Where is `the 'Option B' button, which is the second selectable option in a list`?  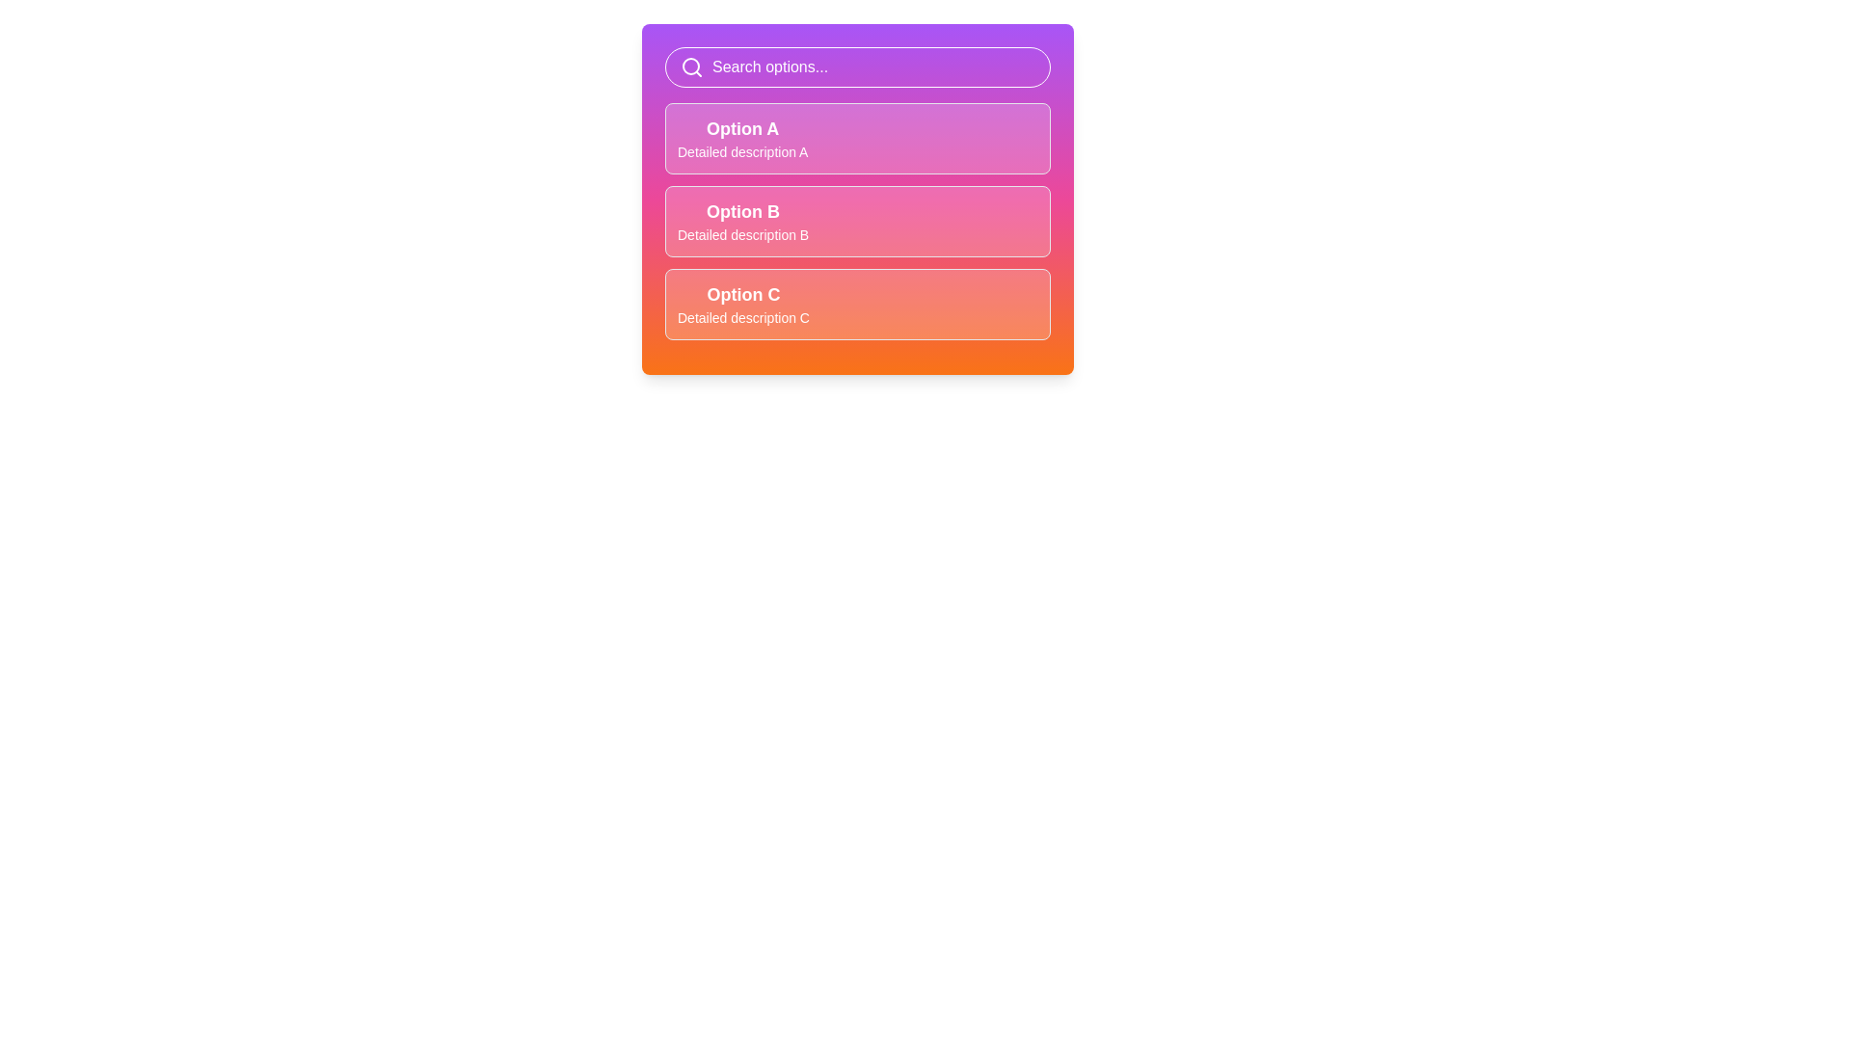
the 'Option B' button, which is the second selectable option in a list is located at coordinates (856, 200).